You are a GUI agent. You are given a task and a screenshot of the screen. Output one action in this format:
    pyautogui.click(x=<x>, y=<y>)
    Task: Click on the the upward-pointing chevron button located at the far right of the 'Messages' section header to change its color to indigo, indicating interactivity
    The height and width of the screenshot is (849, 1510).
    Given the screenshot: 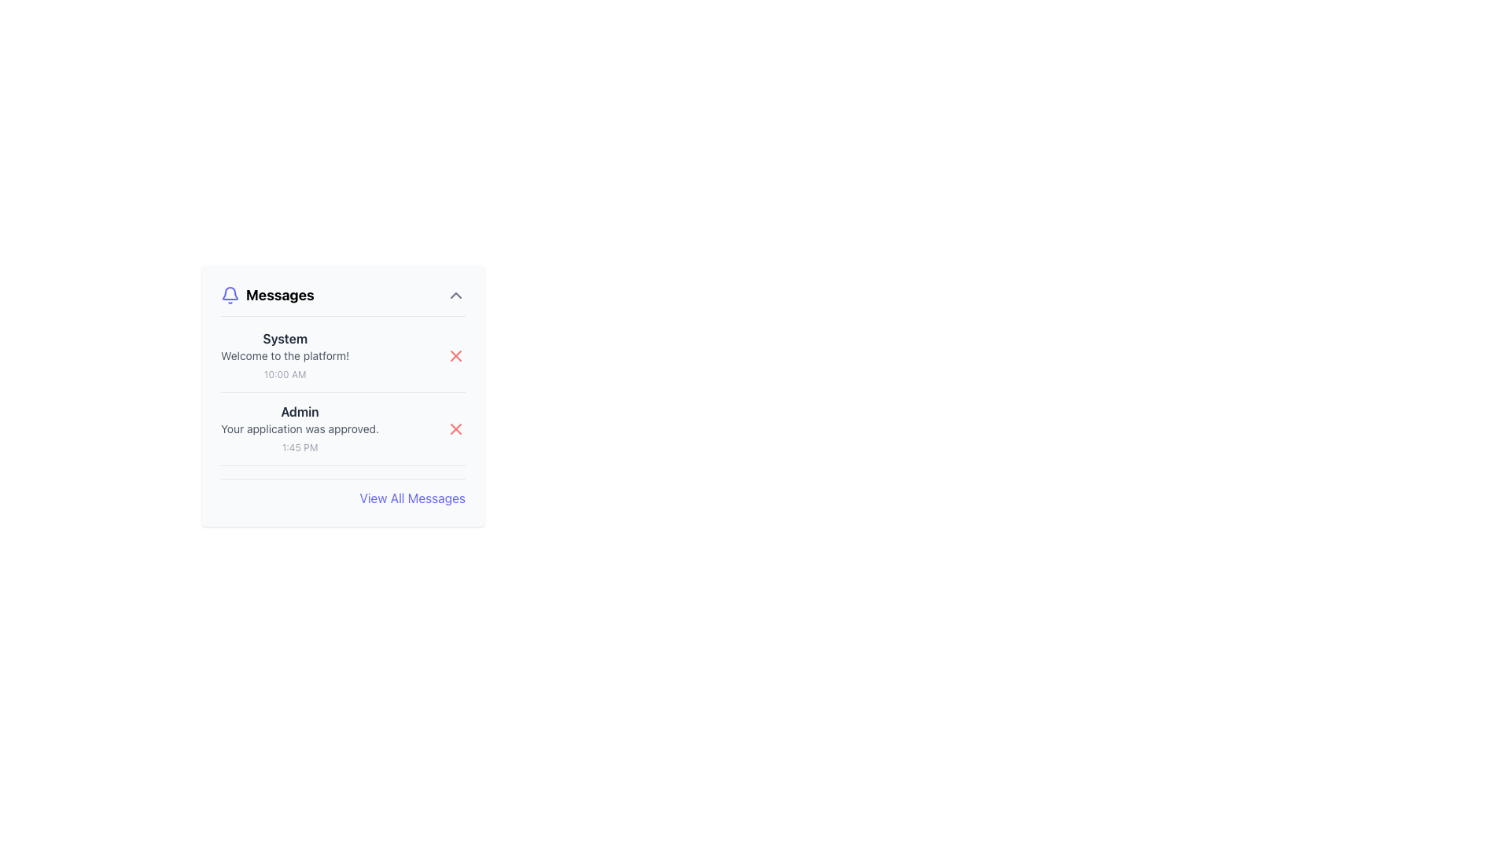 What is the action you would take?
    pyautogui.click(x=455, y=295)
    